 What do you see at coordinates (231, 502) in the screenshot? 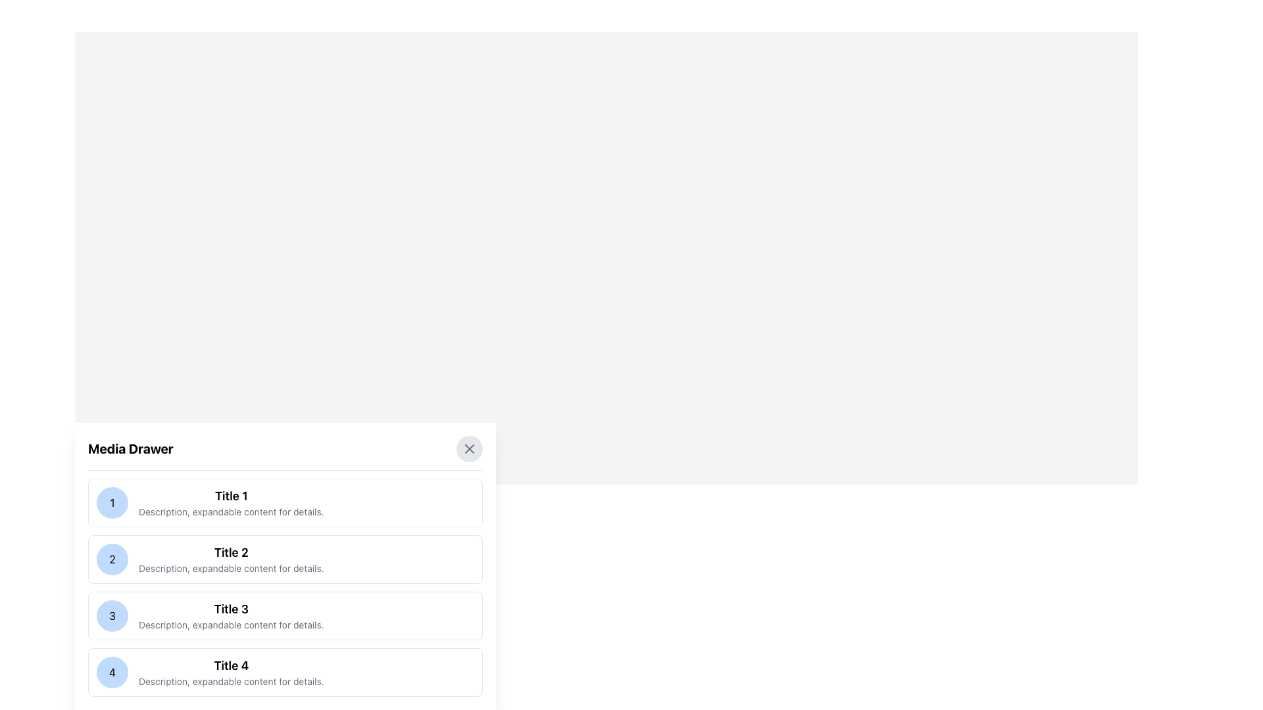
I see `the label with subtitle text for the first item in the 'Media Drawer' list, positioned to the right of the blue circular icon containing the number '1'` at bounding box center [231, 502].